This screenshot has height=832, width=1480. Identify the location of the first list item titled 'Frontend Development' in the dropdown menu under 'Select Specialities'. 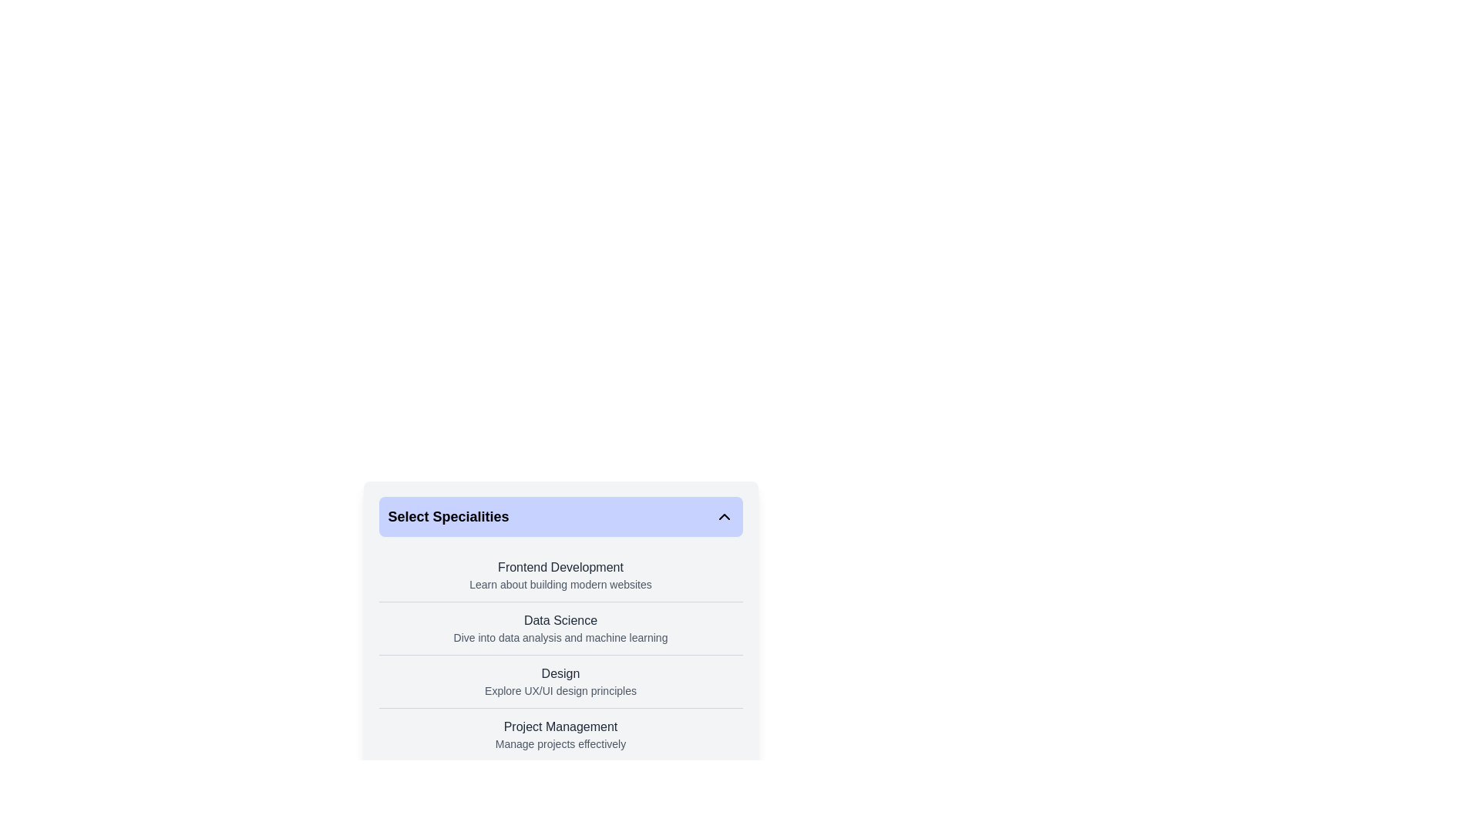
(560, 575).